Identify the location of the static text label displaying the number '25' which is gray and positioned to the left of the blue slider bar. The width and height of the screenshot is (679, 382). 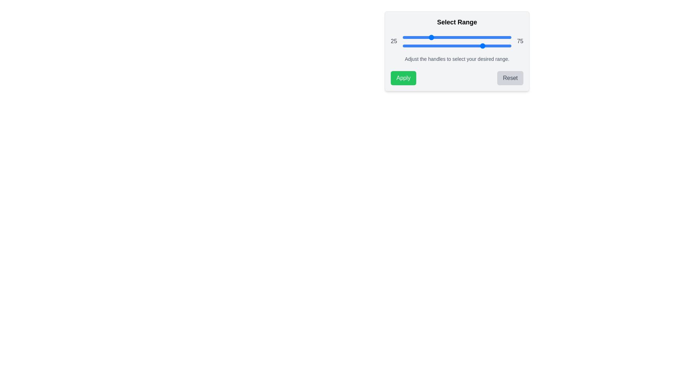
(393, 41).